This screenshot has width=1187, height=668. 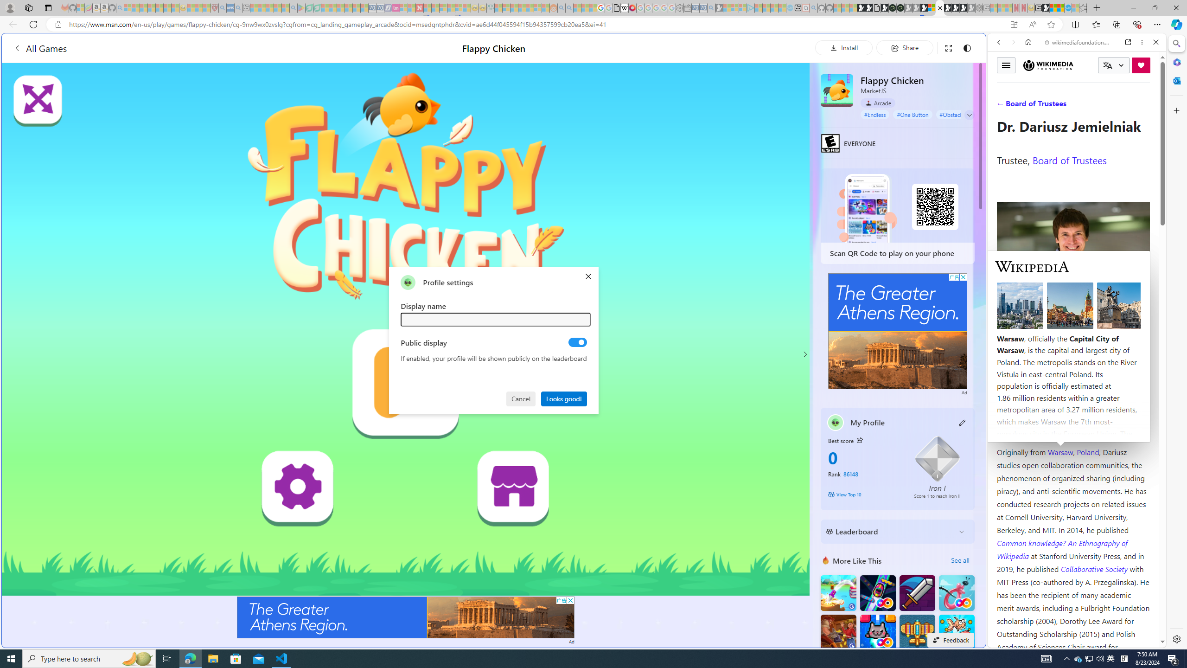 I want to click on 'Jobs - lastminute.com Investor Portal - Sleeping', so click(x=395, y=7).